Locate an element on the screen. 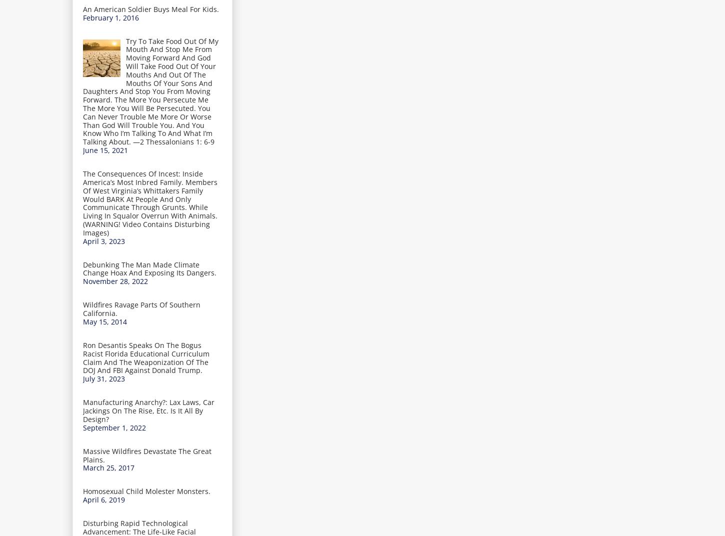  'April 3, 2023' is located at coordinates (103, 240).